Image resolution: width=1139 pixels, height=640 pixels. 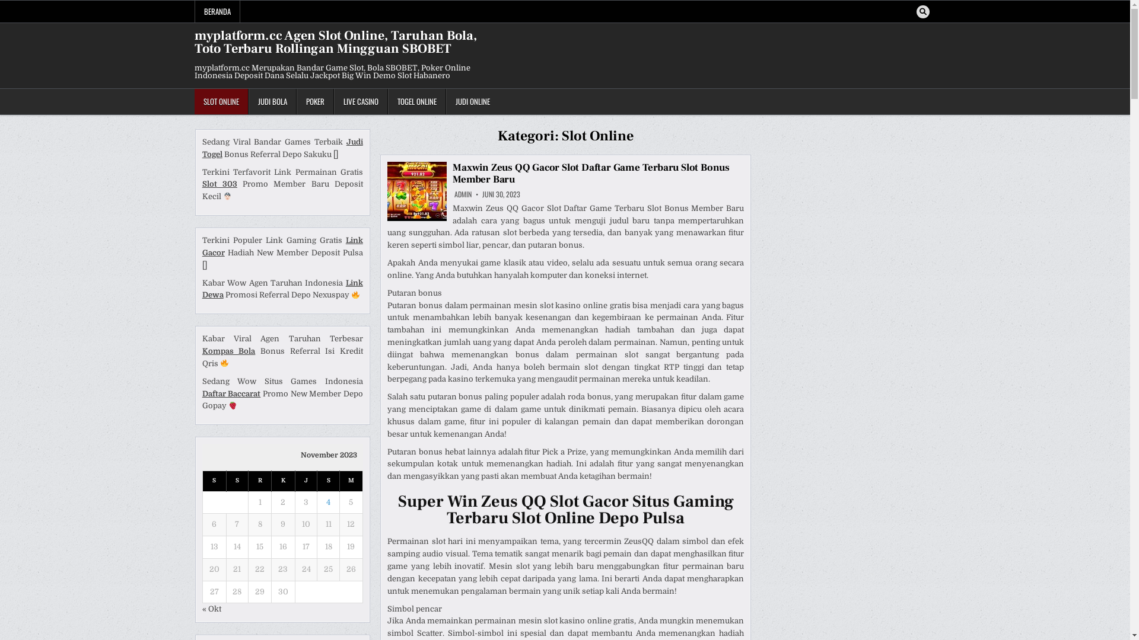 What do you see at coordinates (315, 101) in the screenshot?
I see `'POKER'` at bounding box center [315, 101].